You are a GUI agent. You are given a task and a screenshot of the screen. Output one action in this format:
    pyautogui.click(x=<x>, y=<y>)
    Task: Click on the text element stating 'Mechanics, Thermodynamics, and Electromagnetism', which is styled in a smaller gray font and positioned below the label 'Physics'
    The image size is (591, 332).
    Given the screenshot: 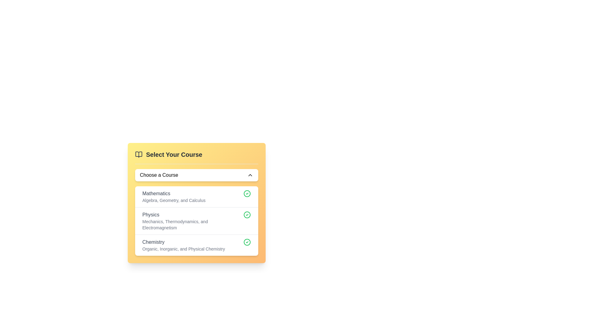 What is the action you would take?
    pyautogui.click(x=192, y=225)
    